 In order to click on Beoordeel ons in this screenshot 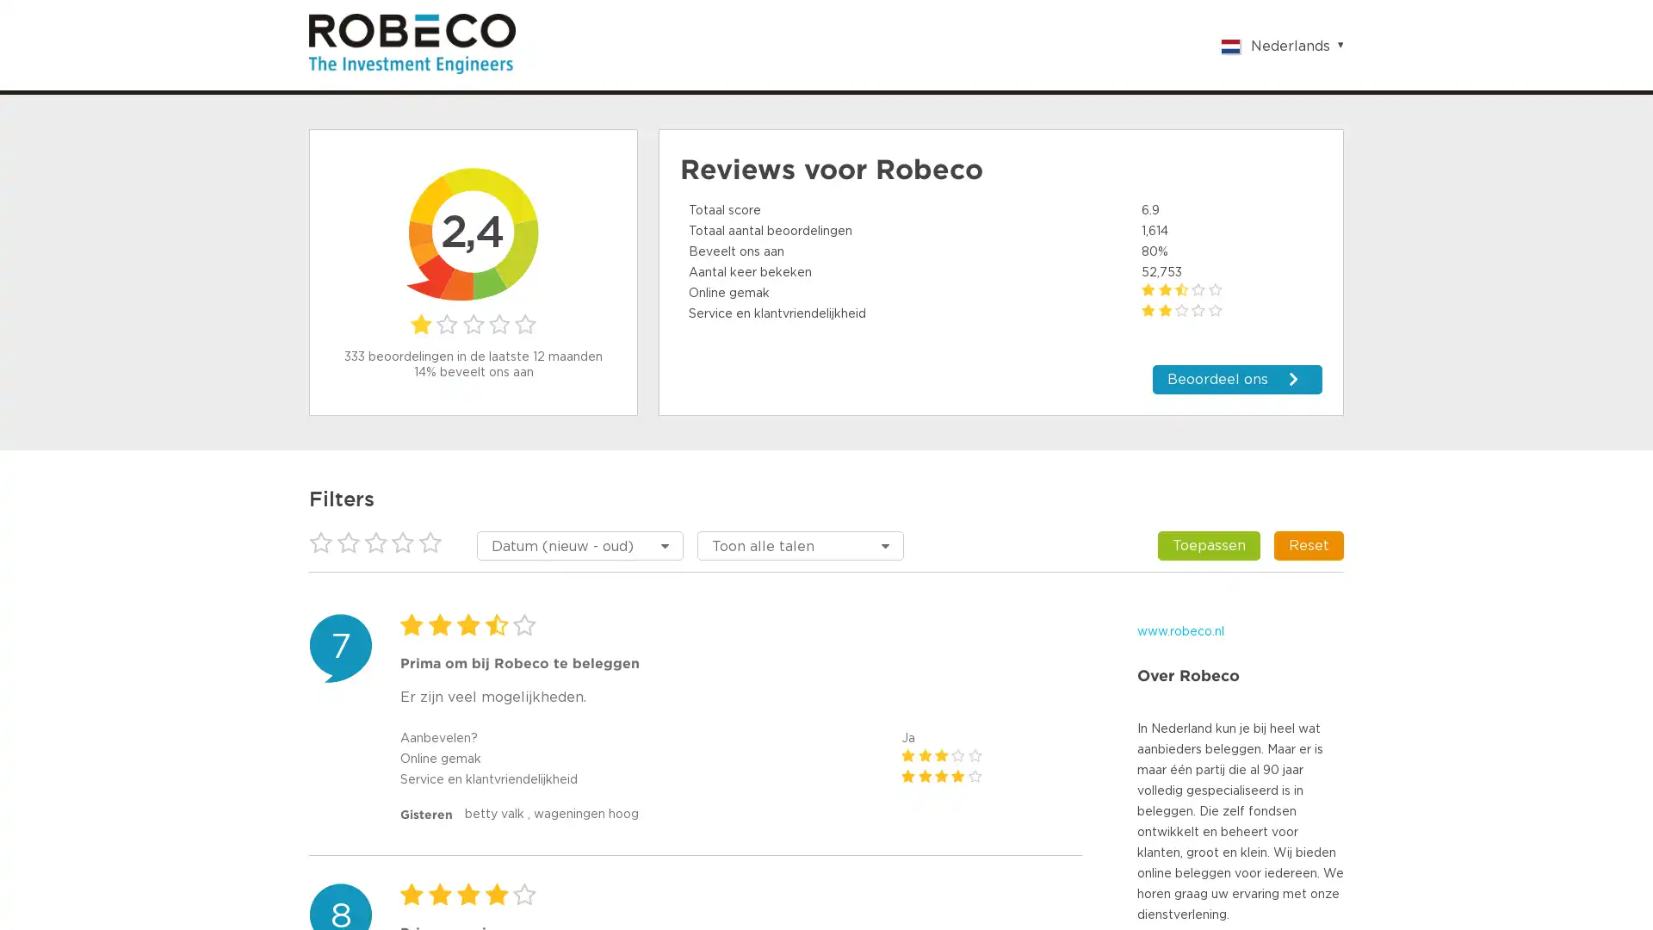, I will do `click(1235, 378)`.